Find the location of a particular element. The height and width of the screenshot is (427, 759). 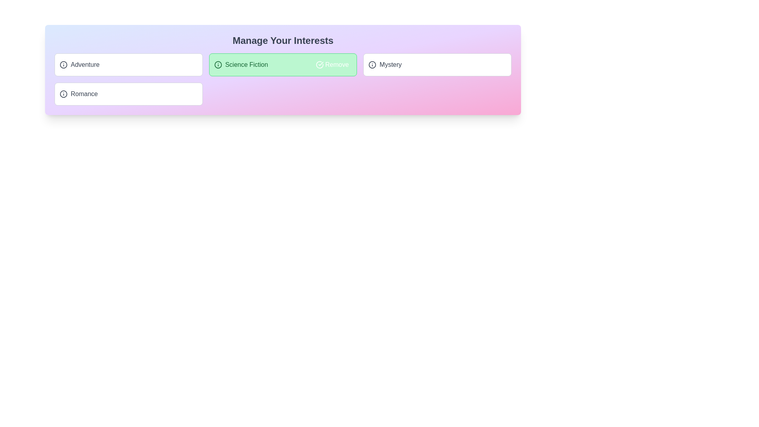

the action button next to the tag labeled 'Adventure' to toggle its 'added' status is located at coordinates (183, 64).